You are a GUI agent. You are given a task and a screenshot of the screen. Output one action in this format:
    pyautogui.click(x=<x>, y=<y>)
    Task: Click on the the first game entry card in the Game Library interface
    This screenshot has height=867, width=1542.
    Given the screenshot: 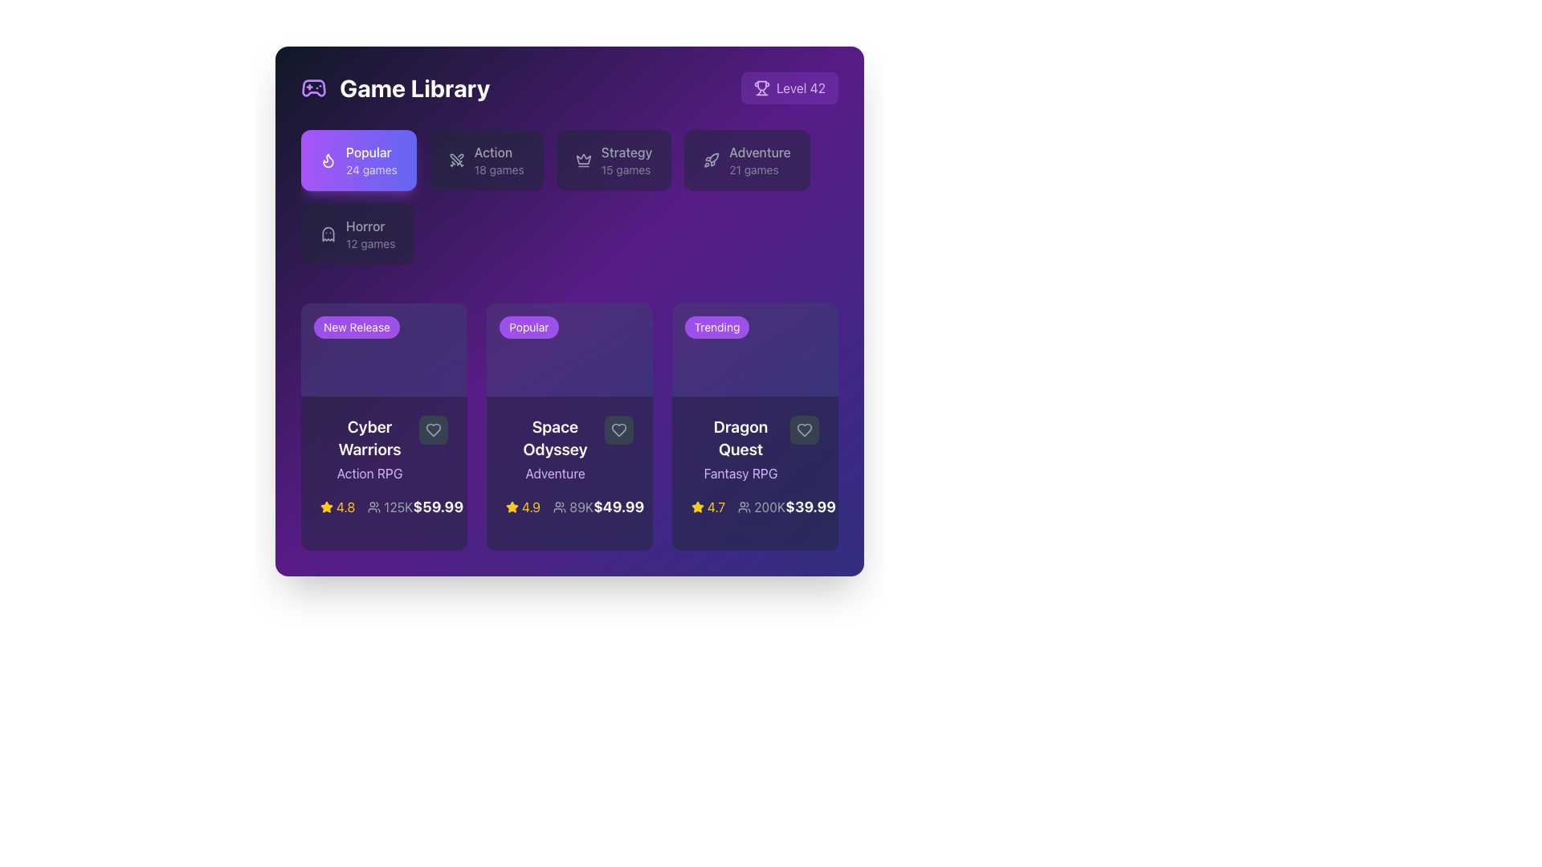 What is the action you would take?
    pyautogui.click(x=383, y=426)
    